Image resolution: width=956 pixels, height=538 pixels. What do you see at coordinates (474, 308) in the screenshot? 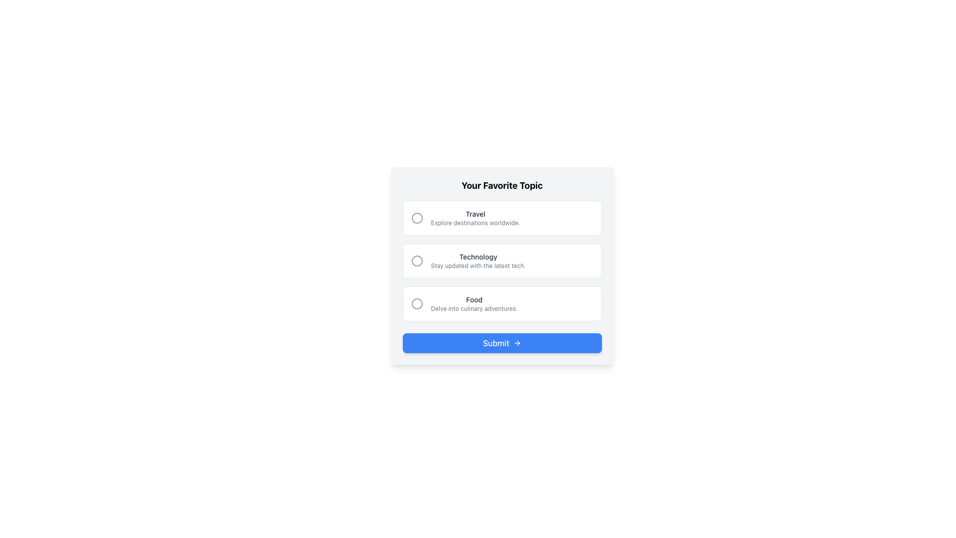
I see `the static text that provides additional context about the 'Food' label, located directly below it in the options list` at bounding box center [474, 308].